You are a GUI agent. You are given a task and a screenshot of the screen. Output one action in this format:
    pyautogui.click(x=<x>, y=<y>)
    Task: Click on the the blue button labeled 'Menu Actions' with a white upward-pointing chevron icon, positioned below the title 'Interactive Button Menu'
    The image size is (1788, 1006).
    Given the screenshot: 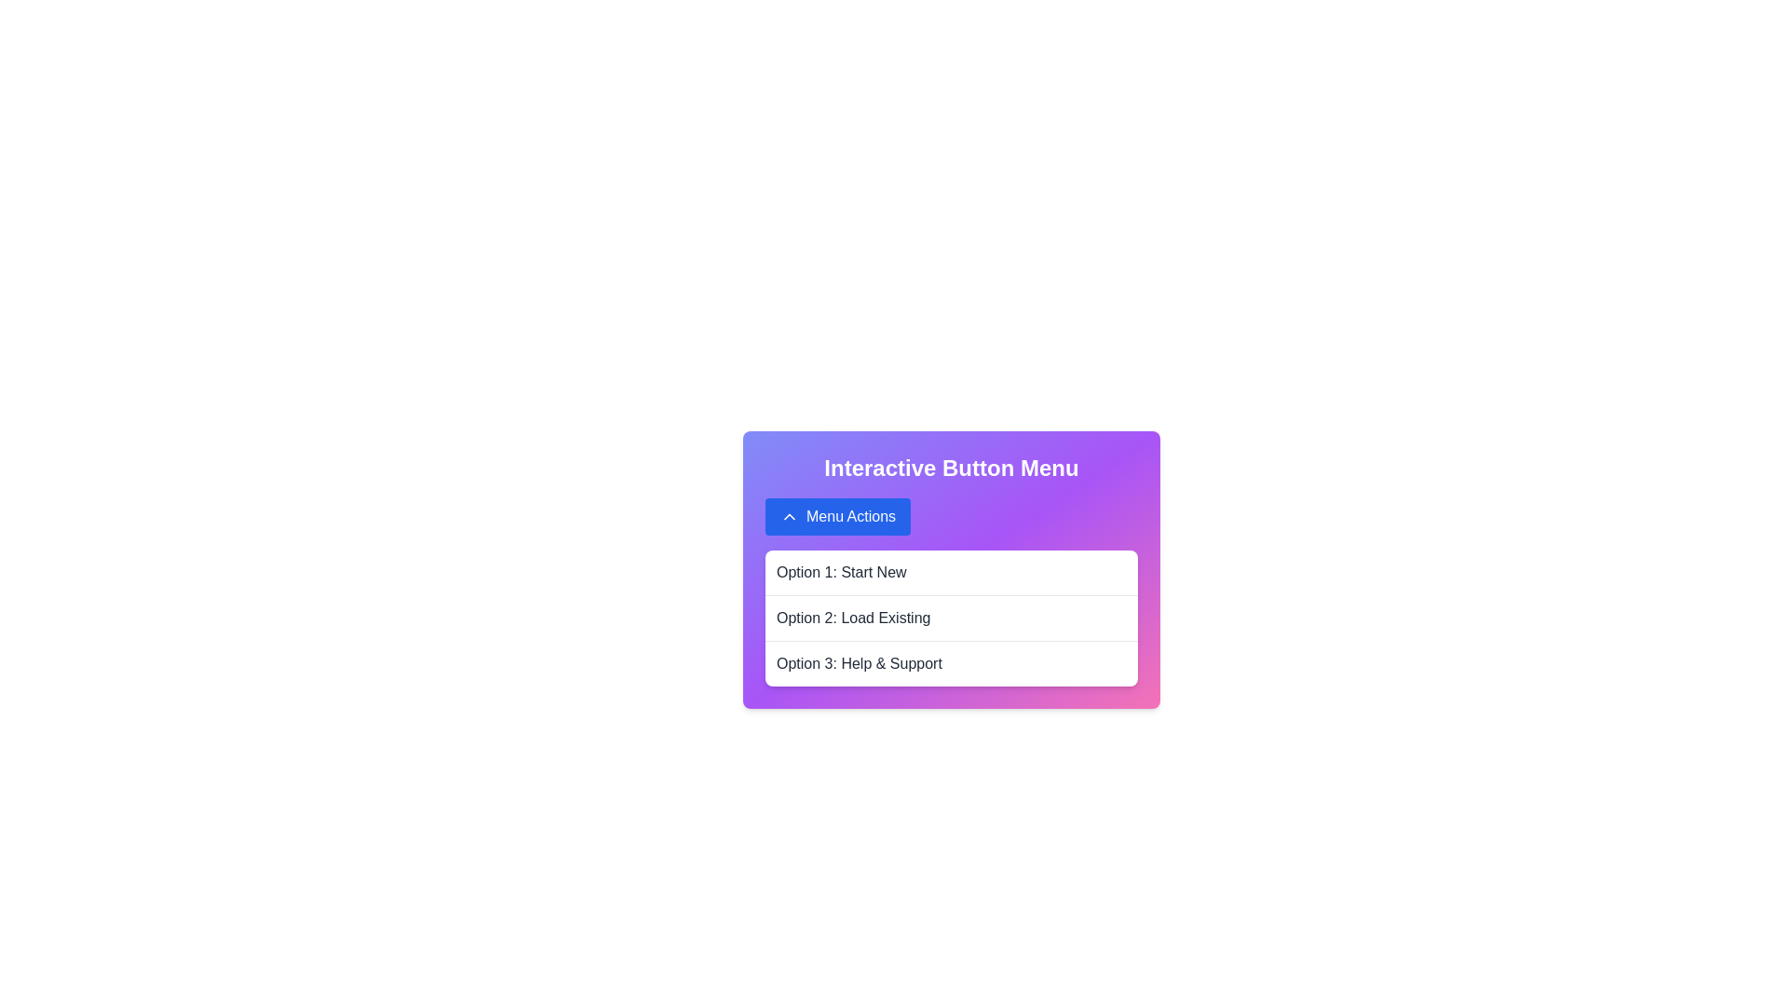 What is the action you would take?
    pyautogui.click(x=837, y=517)
    